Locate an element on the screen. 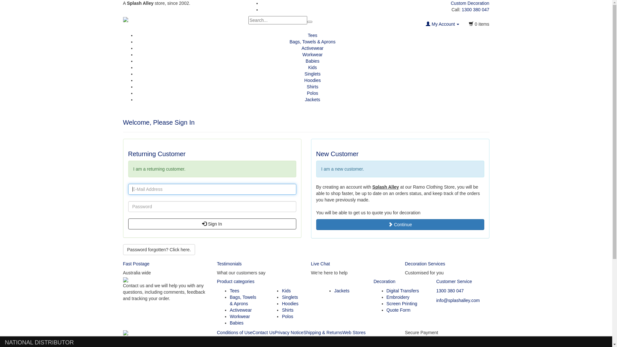  'Screen Printing' is located at coordinates (401, 304).